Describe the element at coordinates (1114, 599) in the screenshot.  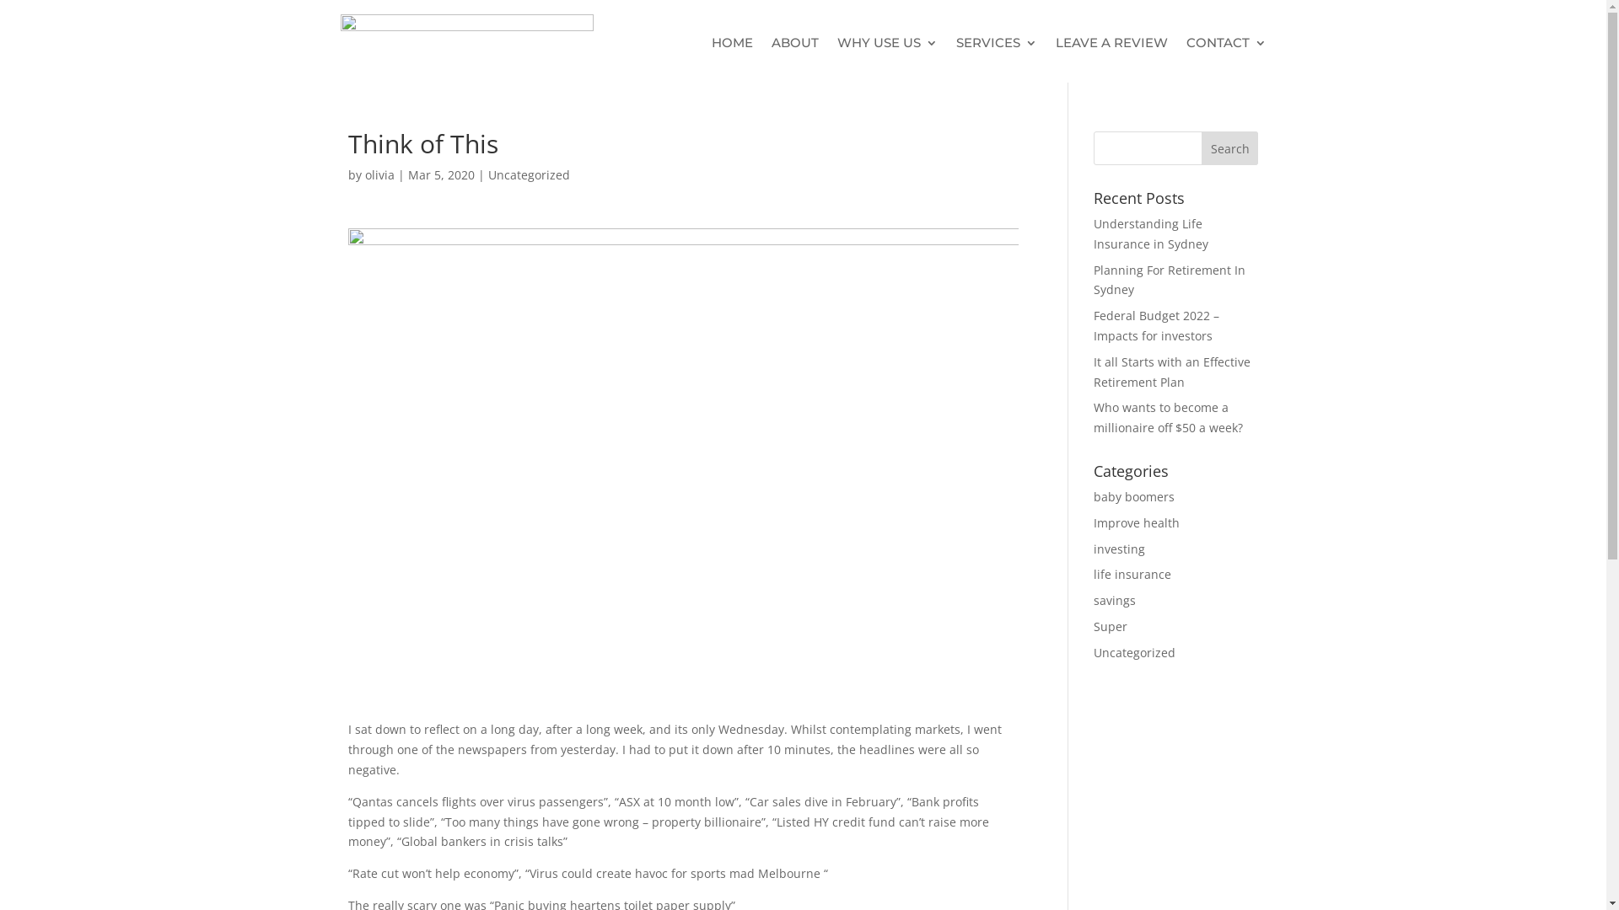
I see `'savings'` at that location.